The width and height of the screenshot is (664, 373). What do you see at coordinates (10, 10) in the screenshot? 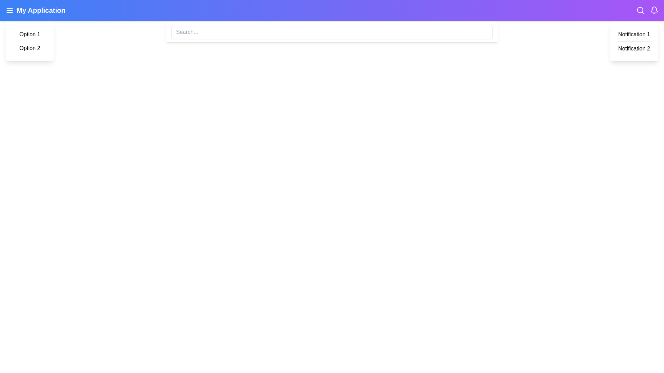
I see `the navigation toggle button located at the top-left corner of the header bar, adjacent to the application title 'My Application', to receive additional visual feedback` at bounding box center [10, 10].